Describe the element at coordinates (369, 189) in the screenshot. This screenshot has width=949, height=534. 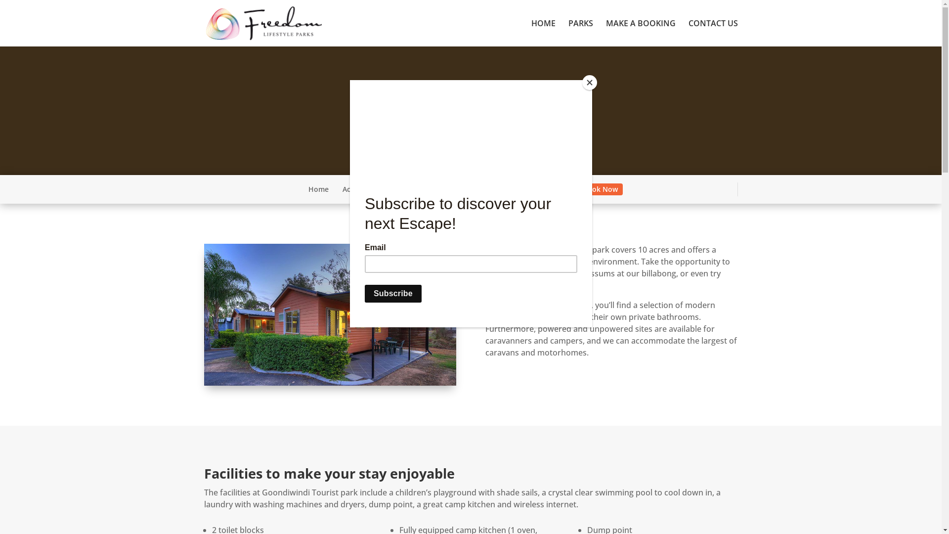
I see `'Accommodation'` at that location.